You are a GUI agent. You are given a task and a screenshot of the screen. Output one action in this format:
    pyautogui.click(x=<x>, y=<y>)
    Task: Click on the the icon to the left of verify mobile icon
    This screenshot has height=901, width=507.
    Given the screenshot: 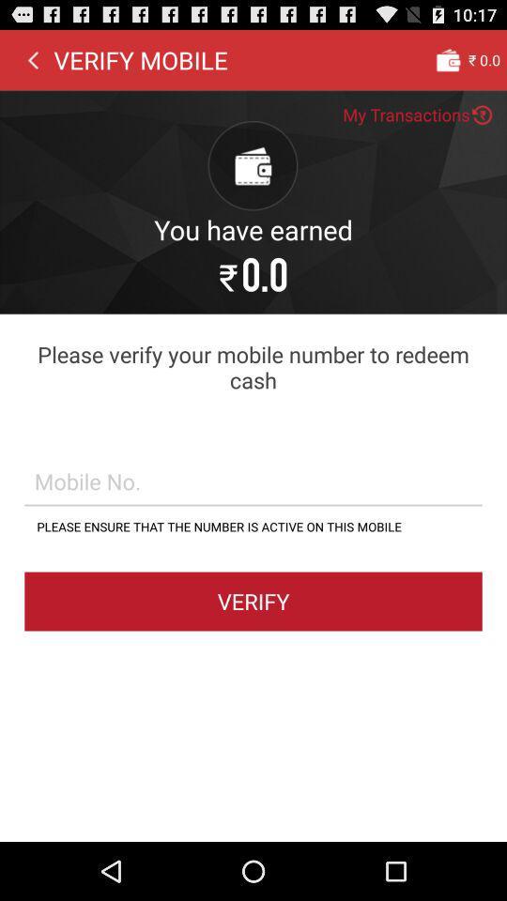 What is the action you would take?
    pyautogui.click(x=33, y=59)
    